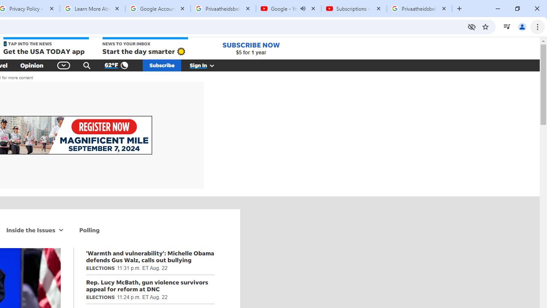 The height and width of the screenshot is (308, 547). I want to click on 'Subscribe', so click(162, 65).